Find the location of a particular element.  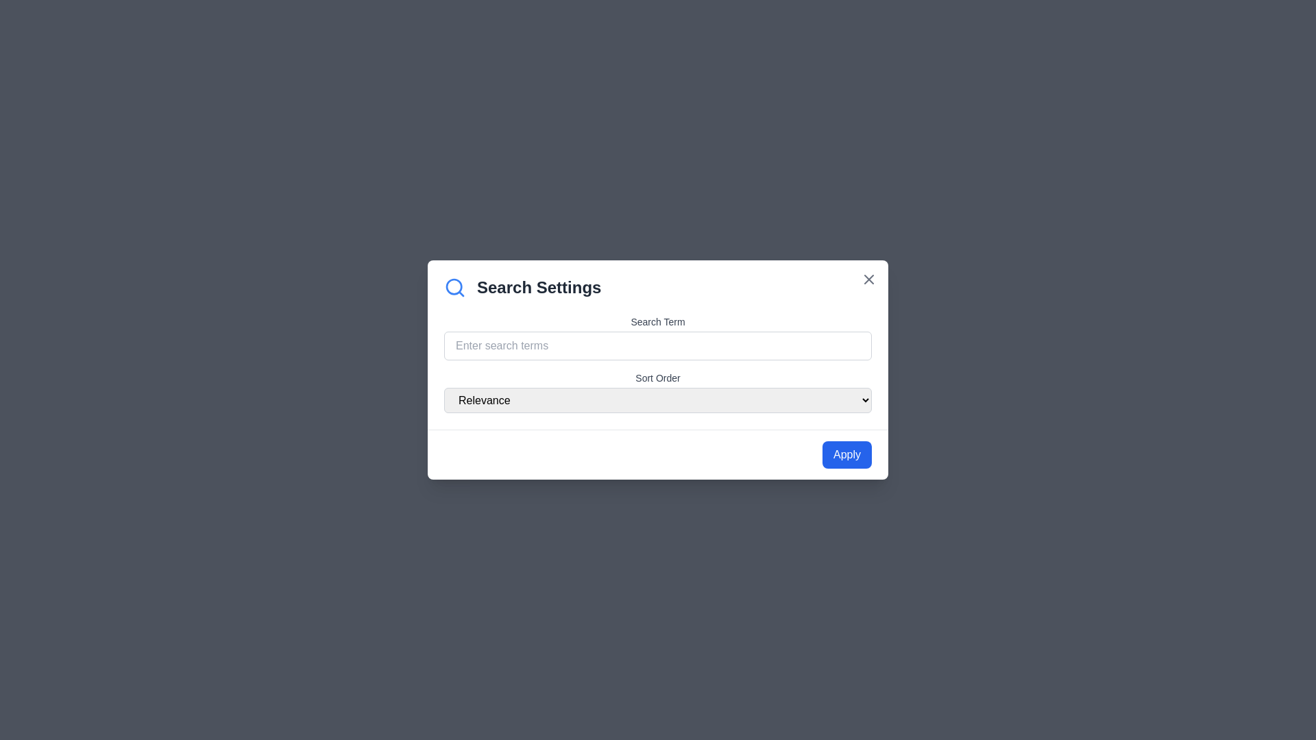

the small, X-shaped close button located at the top-right corner of the modal dialog box is located at coordinates (868, 279).